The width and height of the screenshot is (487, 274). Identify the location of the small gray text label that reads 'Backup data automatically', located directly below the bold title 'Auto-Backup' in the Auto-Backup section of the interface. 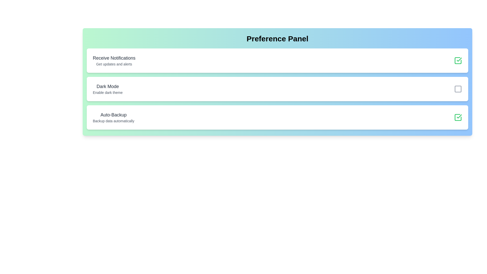
(113, 121).